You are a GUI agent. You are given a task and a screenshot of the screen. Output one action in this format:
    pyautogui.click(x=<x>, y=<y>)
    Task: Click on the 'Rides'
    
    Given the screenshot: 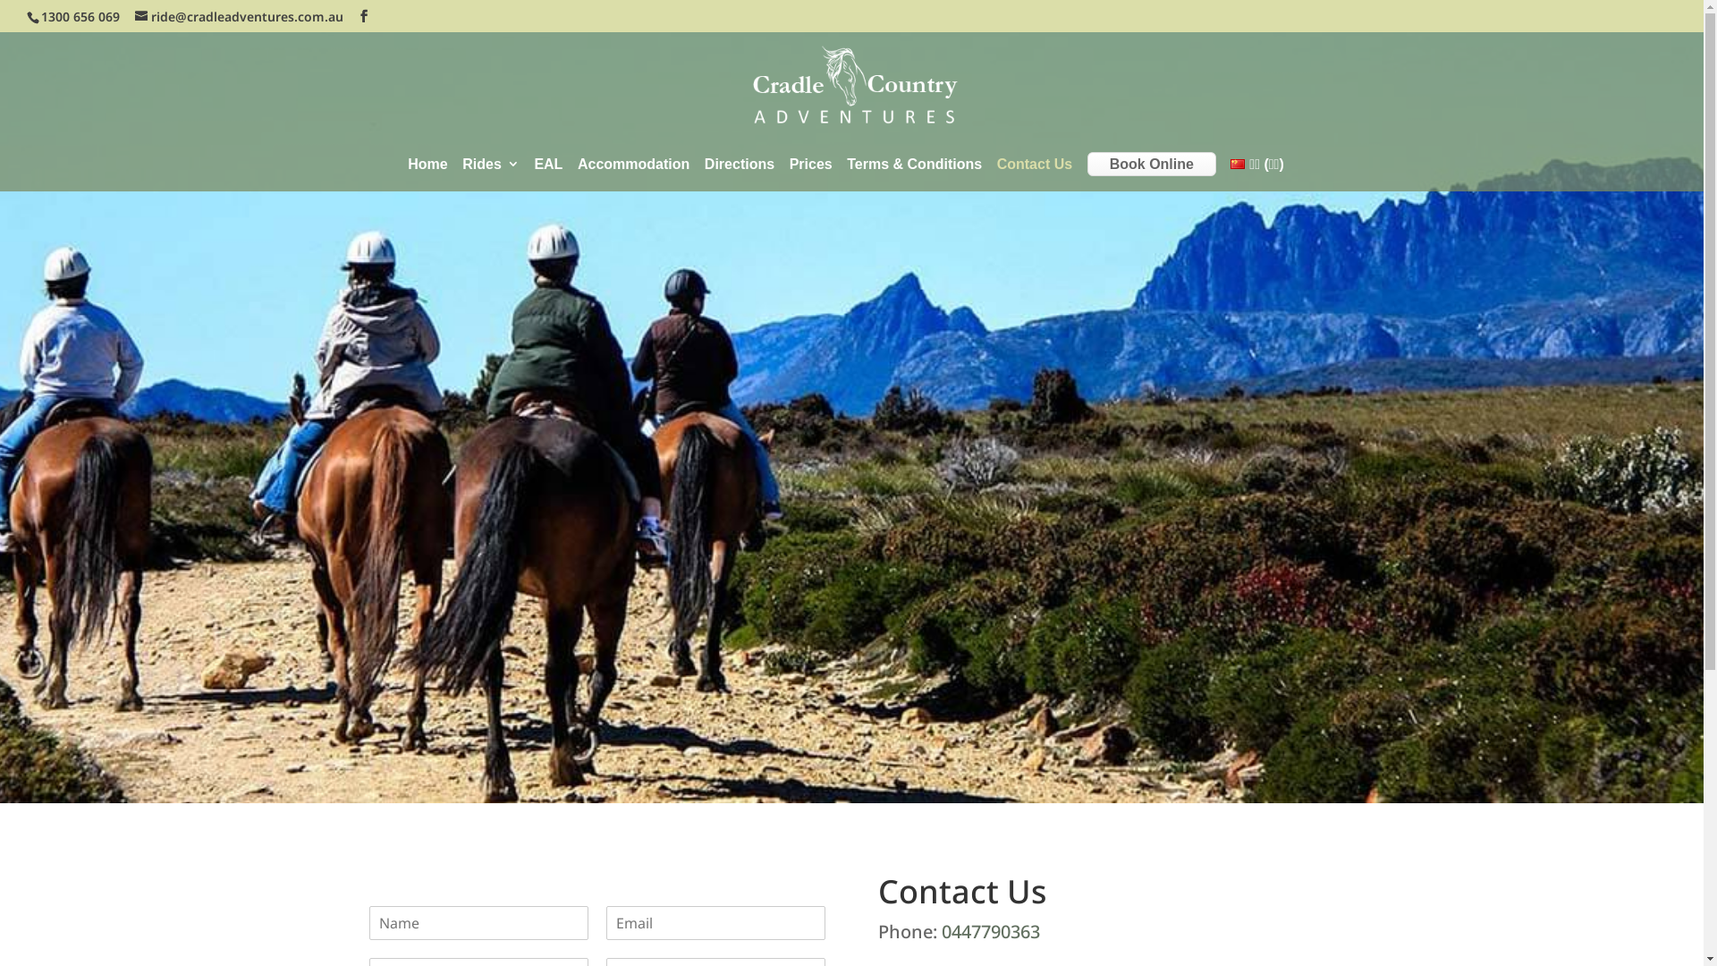 What is the action you would take?
    pyautogui.click(x=462, y=174)
    